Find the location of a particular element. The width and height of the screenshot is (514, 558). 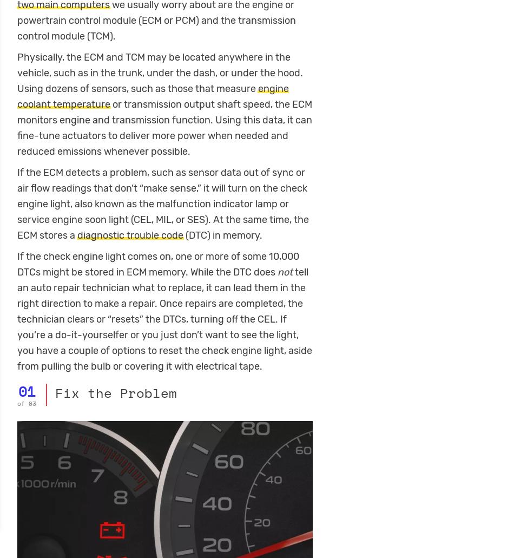

'(DTC) in memory.' is located at coordinates (222, 235).